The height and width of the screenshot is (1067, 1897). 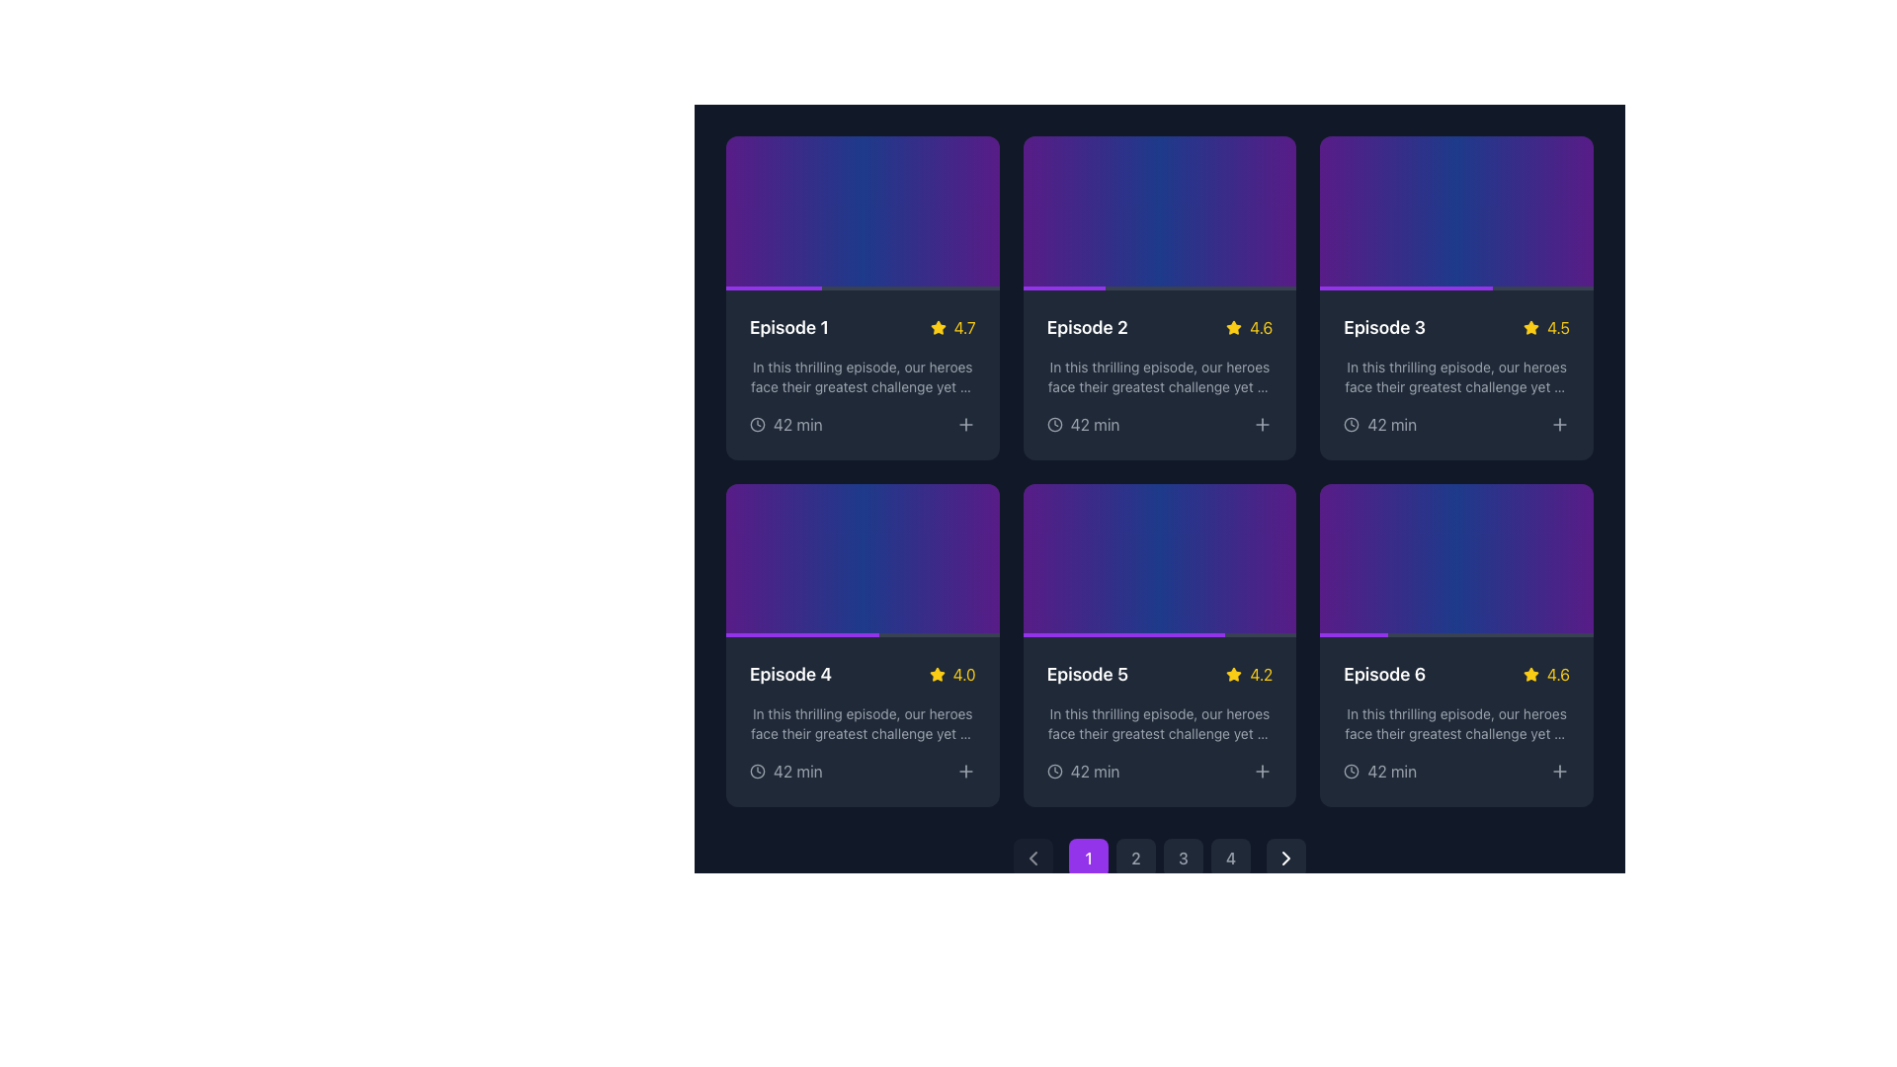 What do you see at coordinates (1351, 423) in the screenshot?
I see `the circular decorative shape within the SVG icon located in the bottom-left corner of the card for Episode 3 by performing a mouse click to interact with nearby elements` at bounding box center [1351, 423].